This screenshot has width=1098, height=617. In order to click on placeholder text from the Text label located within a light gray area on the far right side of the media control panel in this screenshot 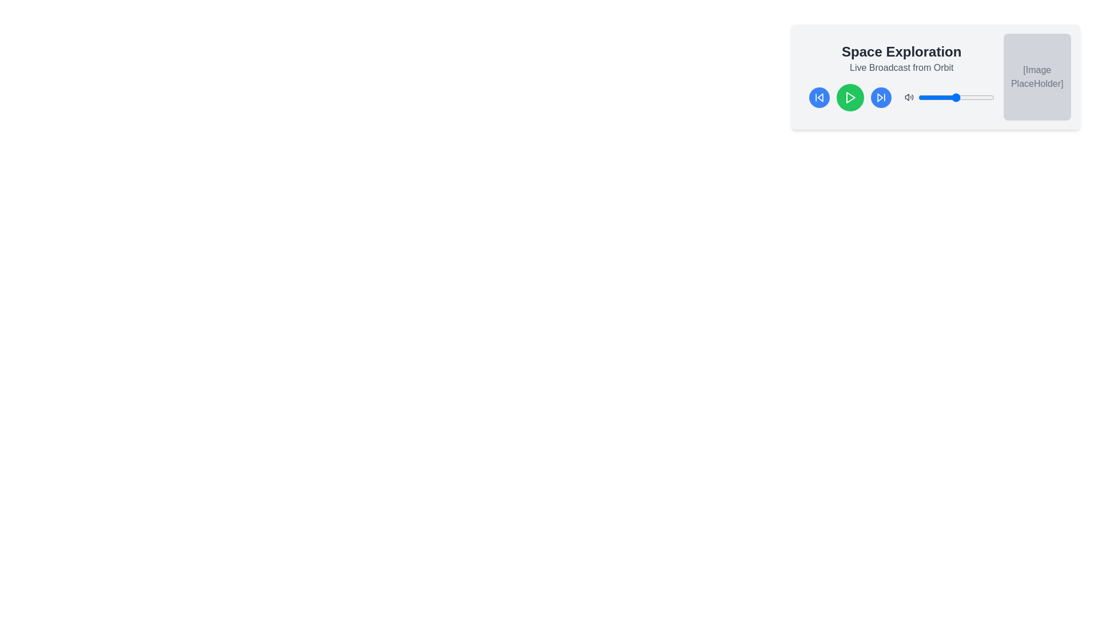, I will do `click(1037, 77)`.